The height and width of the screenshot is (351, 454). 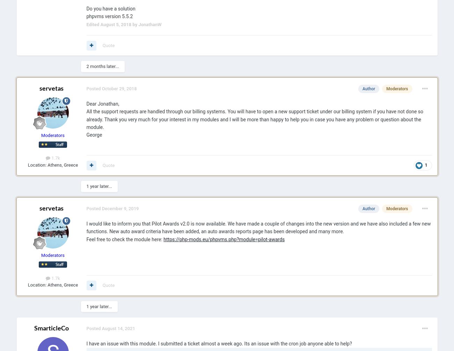 I want to click on 'All the support requests are handled through our billing systems. You will have to open a new support ticket under our billing system if you have not done so already. Thank you very much for your interest in my modules and I will be more than happy to help you in case you have any problem or question about the module.', so click(x=255, y=119).